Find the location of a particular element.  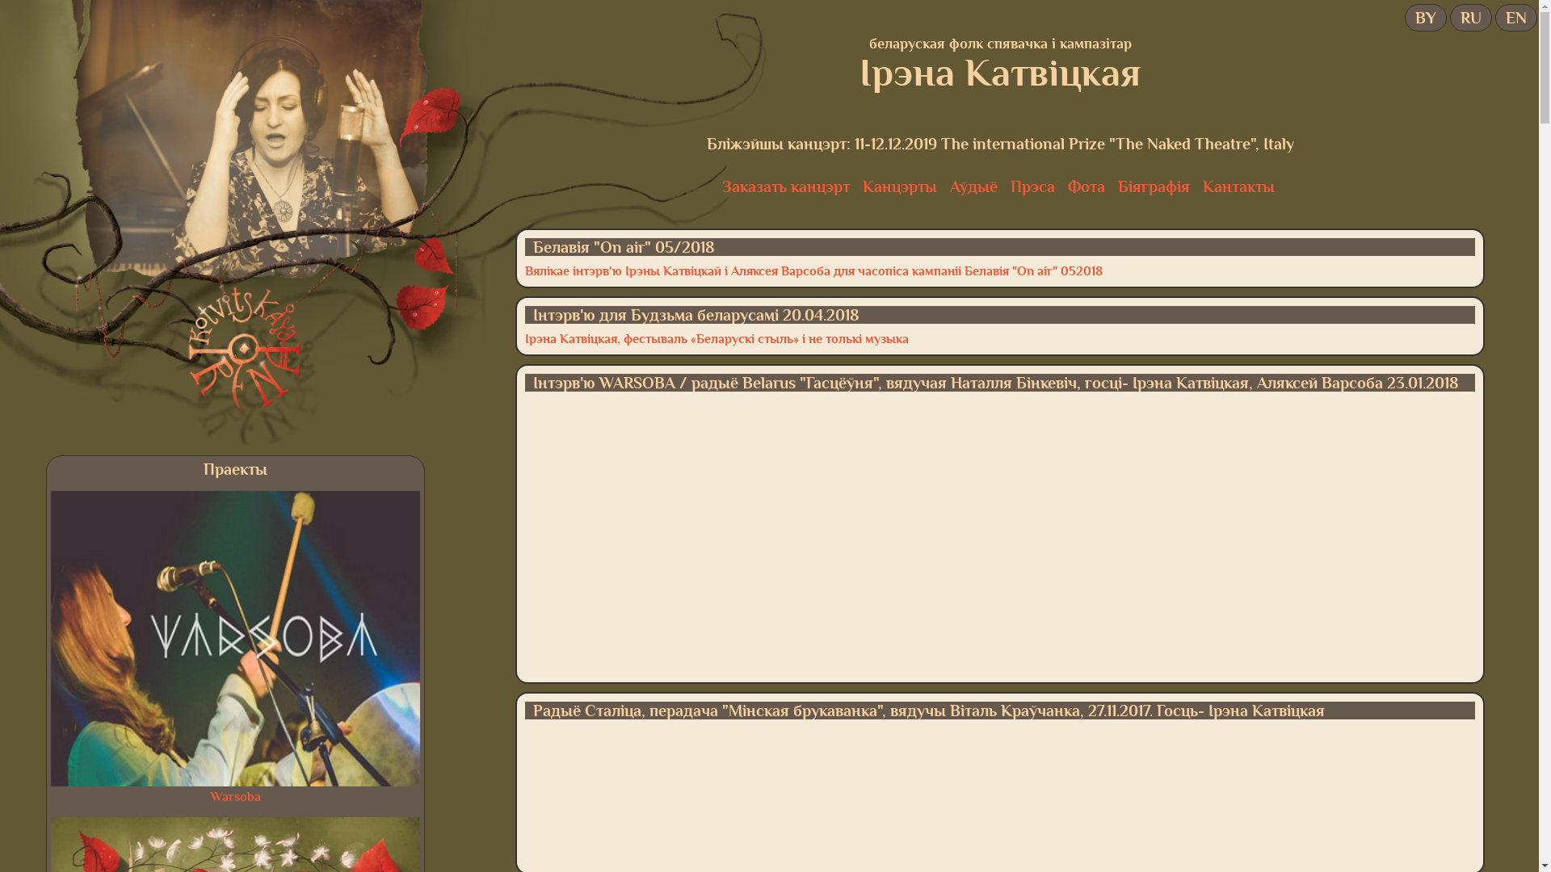

'EN' is located at coordinates (1499, 18).